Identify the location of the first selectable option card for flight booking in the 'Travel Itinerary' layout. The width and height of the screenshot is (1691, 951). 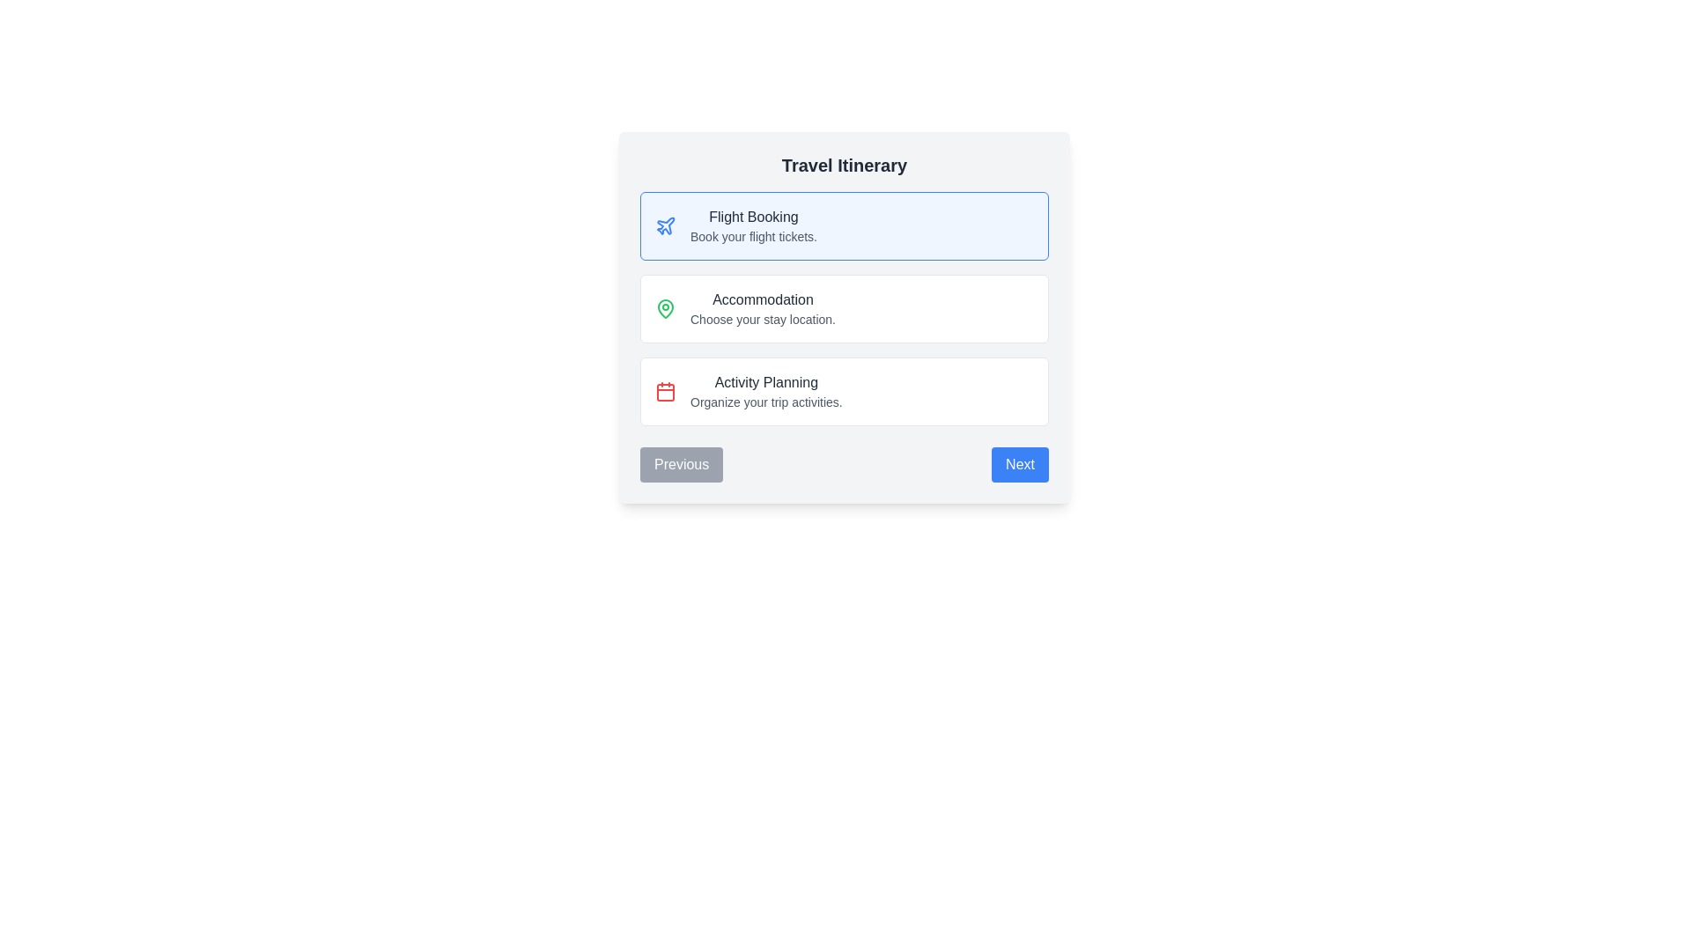
(844, 225).